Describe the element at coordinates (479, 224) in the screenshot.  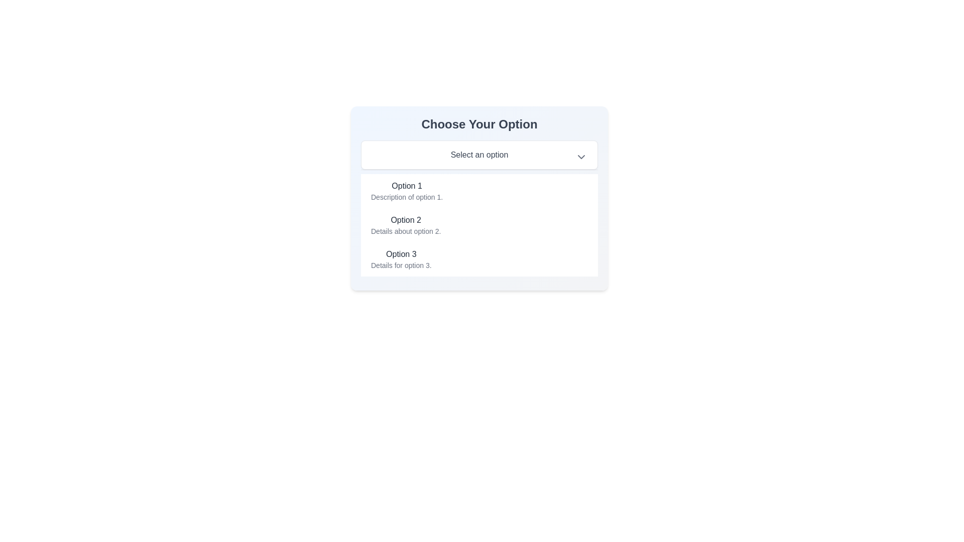
I see `the selectable list item that displays 'Option 2' with subtext 'Details about option 2.'` at that location.